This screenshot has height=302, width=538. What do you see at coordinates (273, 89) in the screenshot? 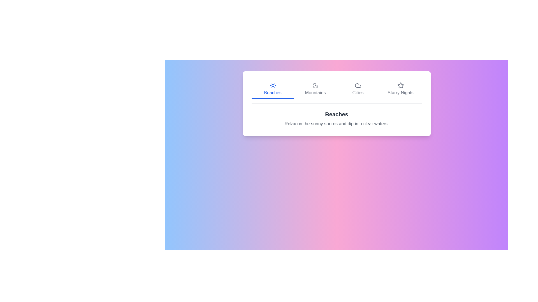
I see `the category Beaches by clicking its button` at bounding box center [273, 89].